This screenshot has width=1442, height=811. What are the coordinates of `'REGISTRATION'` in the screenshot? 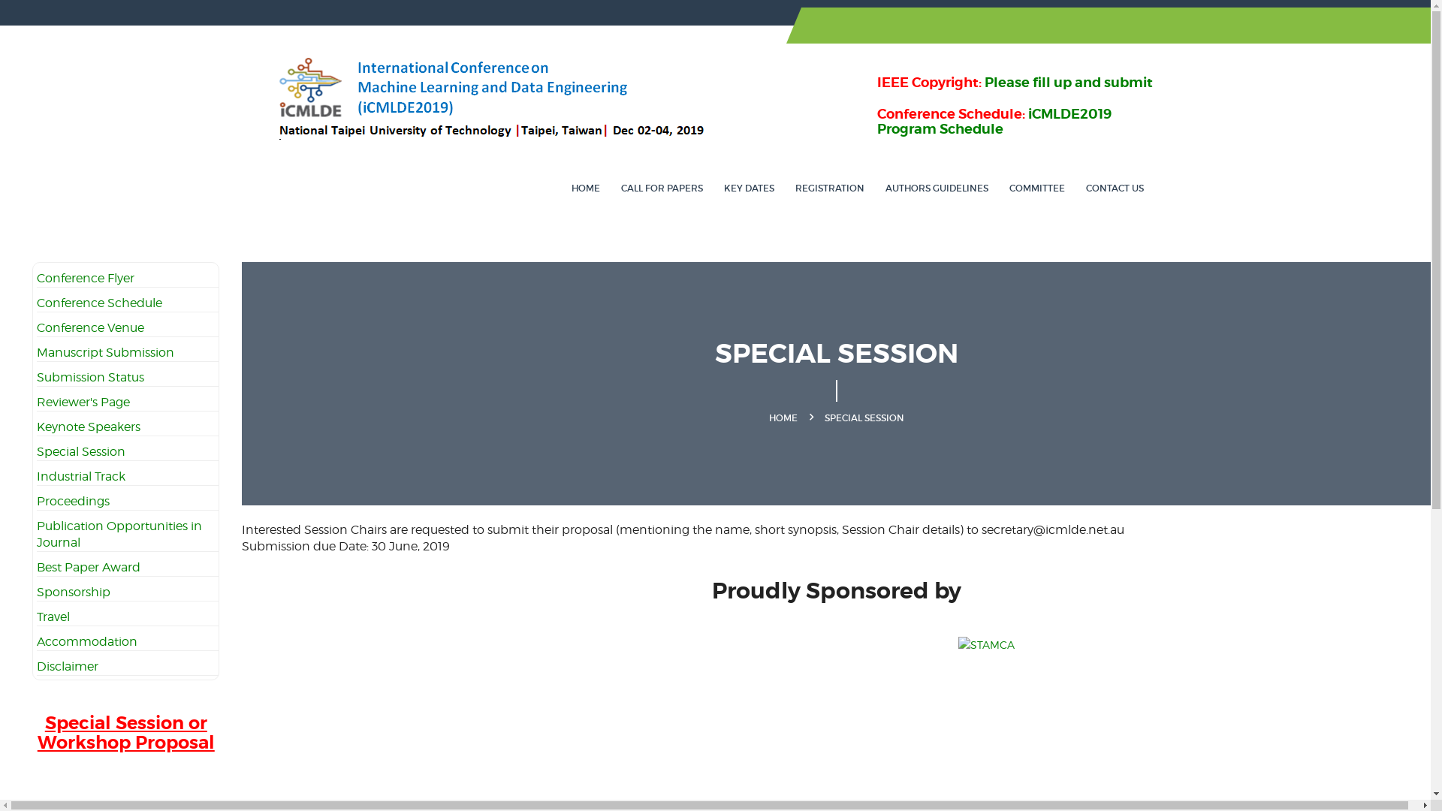 It's located at (793, 187).